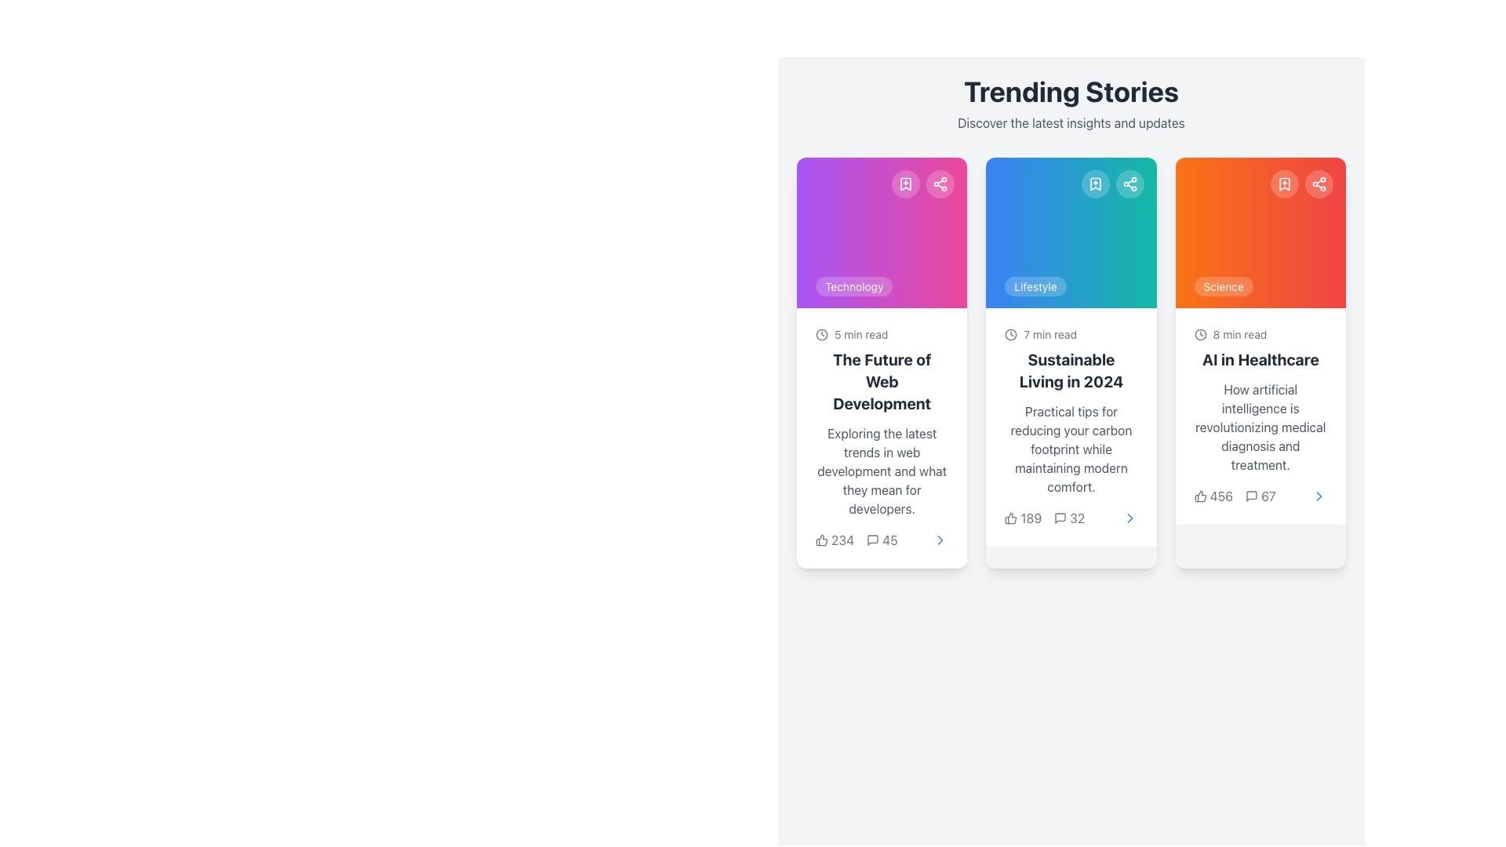  I want to click on the circular button with a semi-transparent white background featuring a white share icon, so click(940, 184).